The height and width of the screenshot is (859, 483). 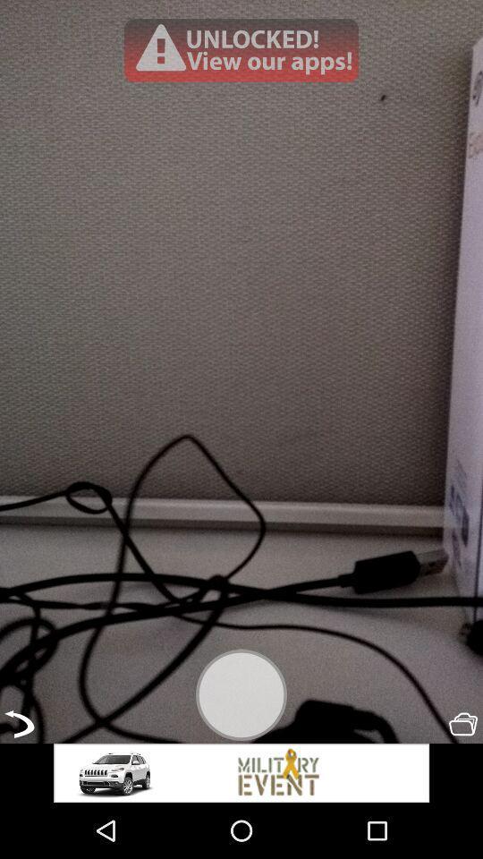 What do you see at coordinates (463, 774) in the screenshot?
I see `the folder icon` at bounding box center [463, 774].